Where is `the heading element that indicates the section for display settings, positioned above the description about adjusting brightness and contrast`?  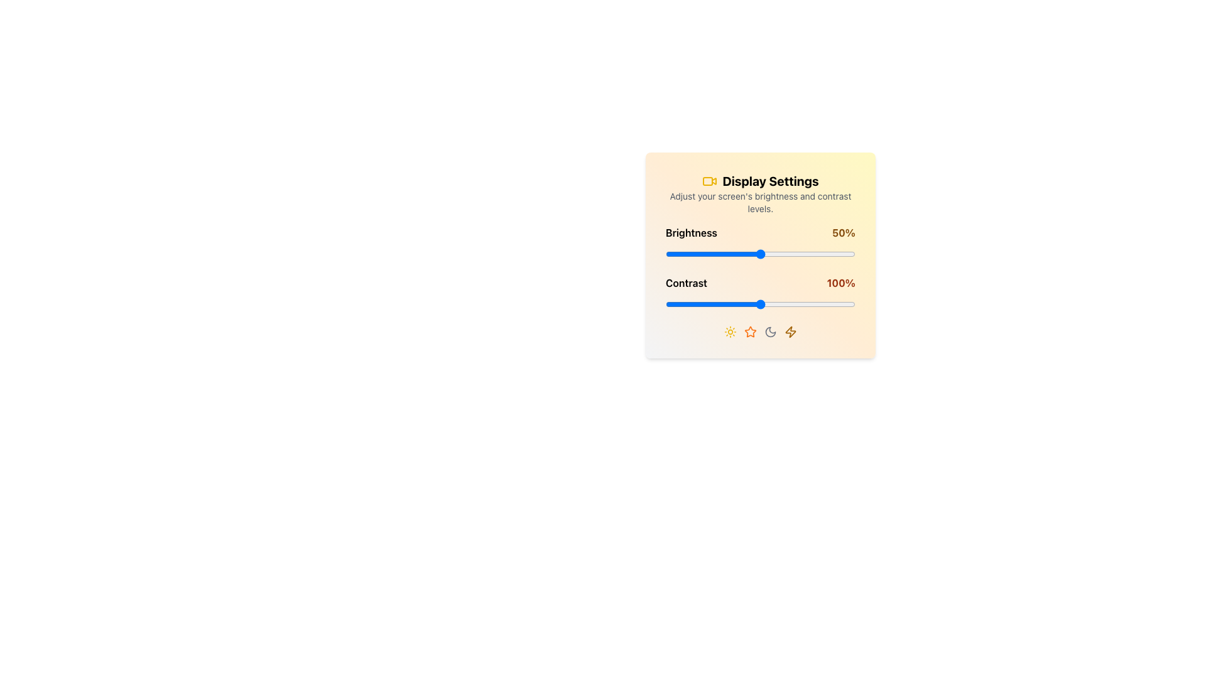 the heading element that indicates the section for display settings, positioned above the description about adjusting brightness and contrast is located at coordinates (759, 181).